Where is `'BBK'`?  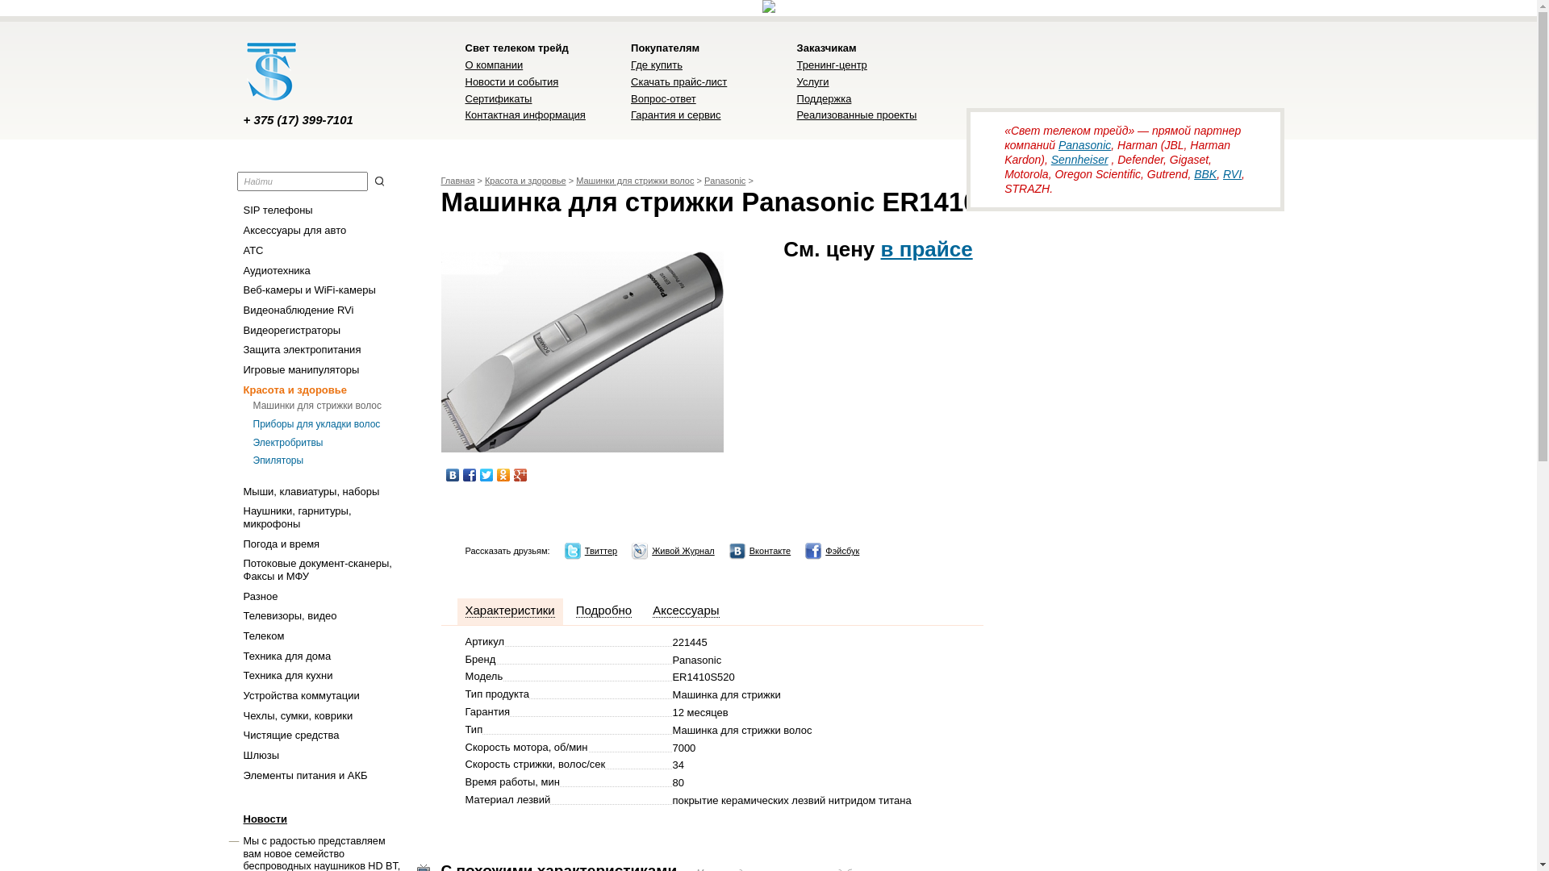 'BBK' is located at coordinates (1193, 174).